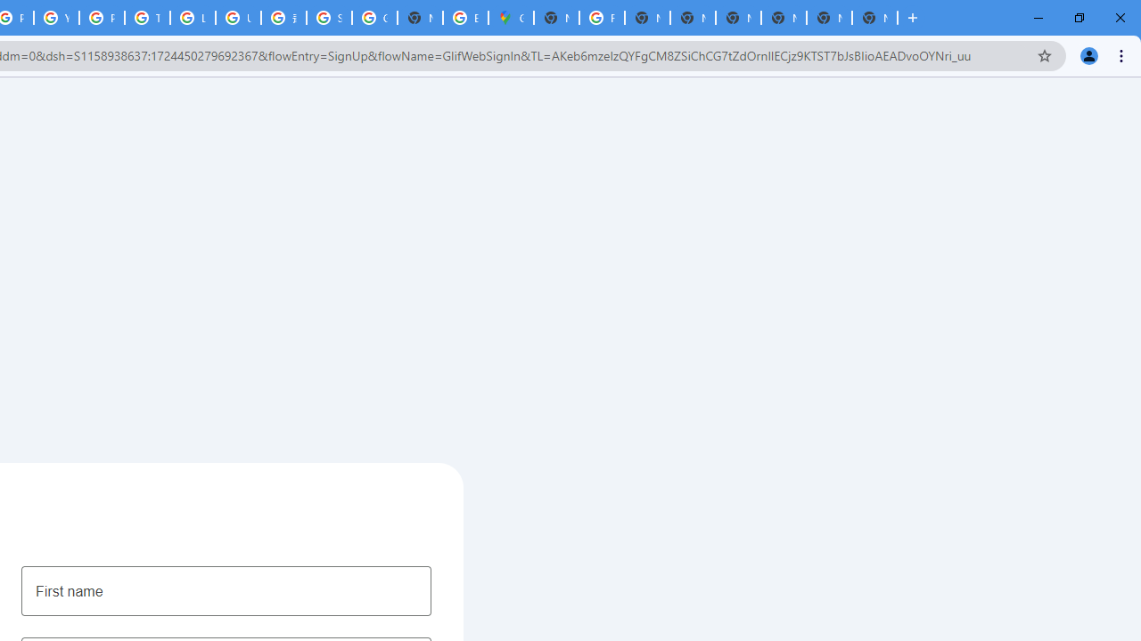 Image resolution: width=1141 pixels, height=641 pixels. What do you see at coordinates (828, 18) in the screenshot?
I see `'New Tab'` at bounding box center [828, 18].